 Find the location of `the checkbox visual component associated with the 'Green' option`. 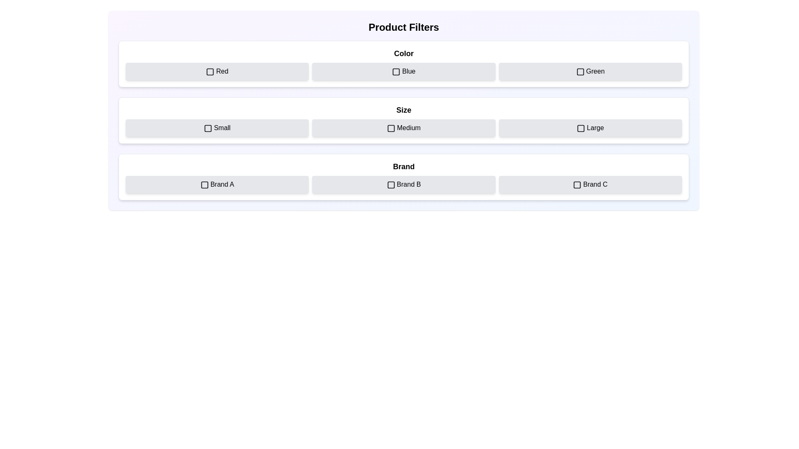

the checkbox visual component associated with the 'Green' option is located at coordinates (580, 71).